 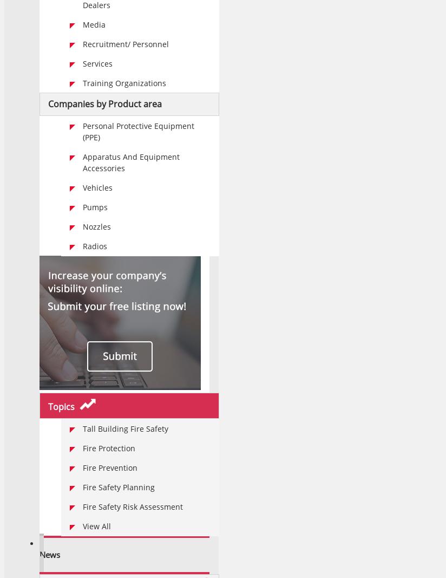 What do you see at coordinates (118, 487) in the screenshot?
I see `'Fire Safety Planning'` at bounding box center [118, 487].